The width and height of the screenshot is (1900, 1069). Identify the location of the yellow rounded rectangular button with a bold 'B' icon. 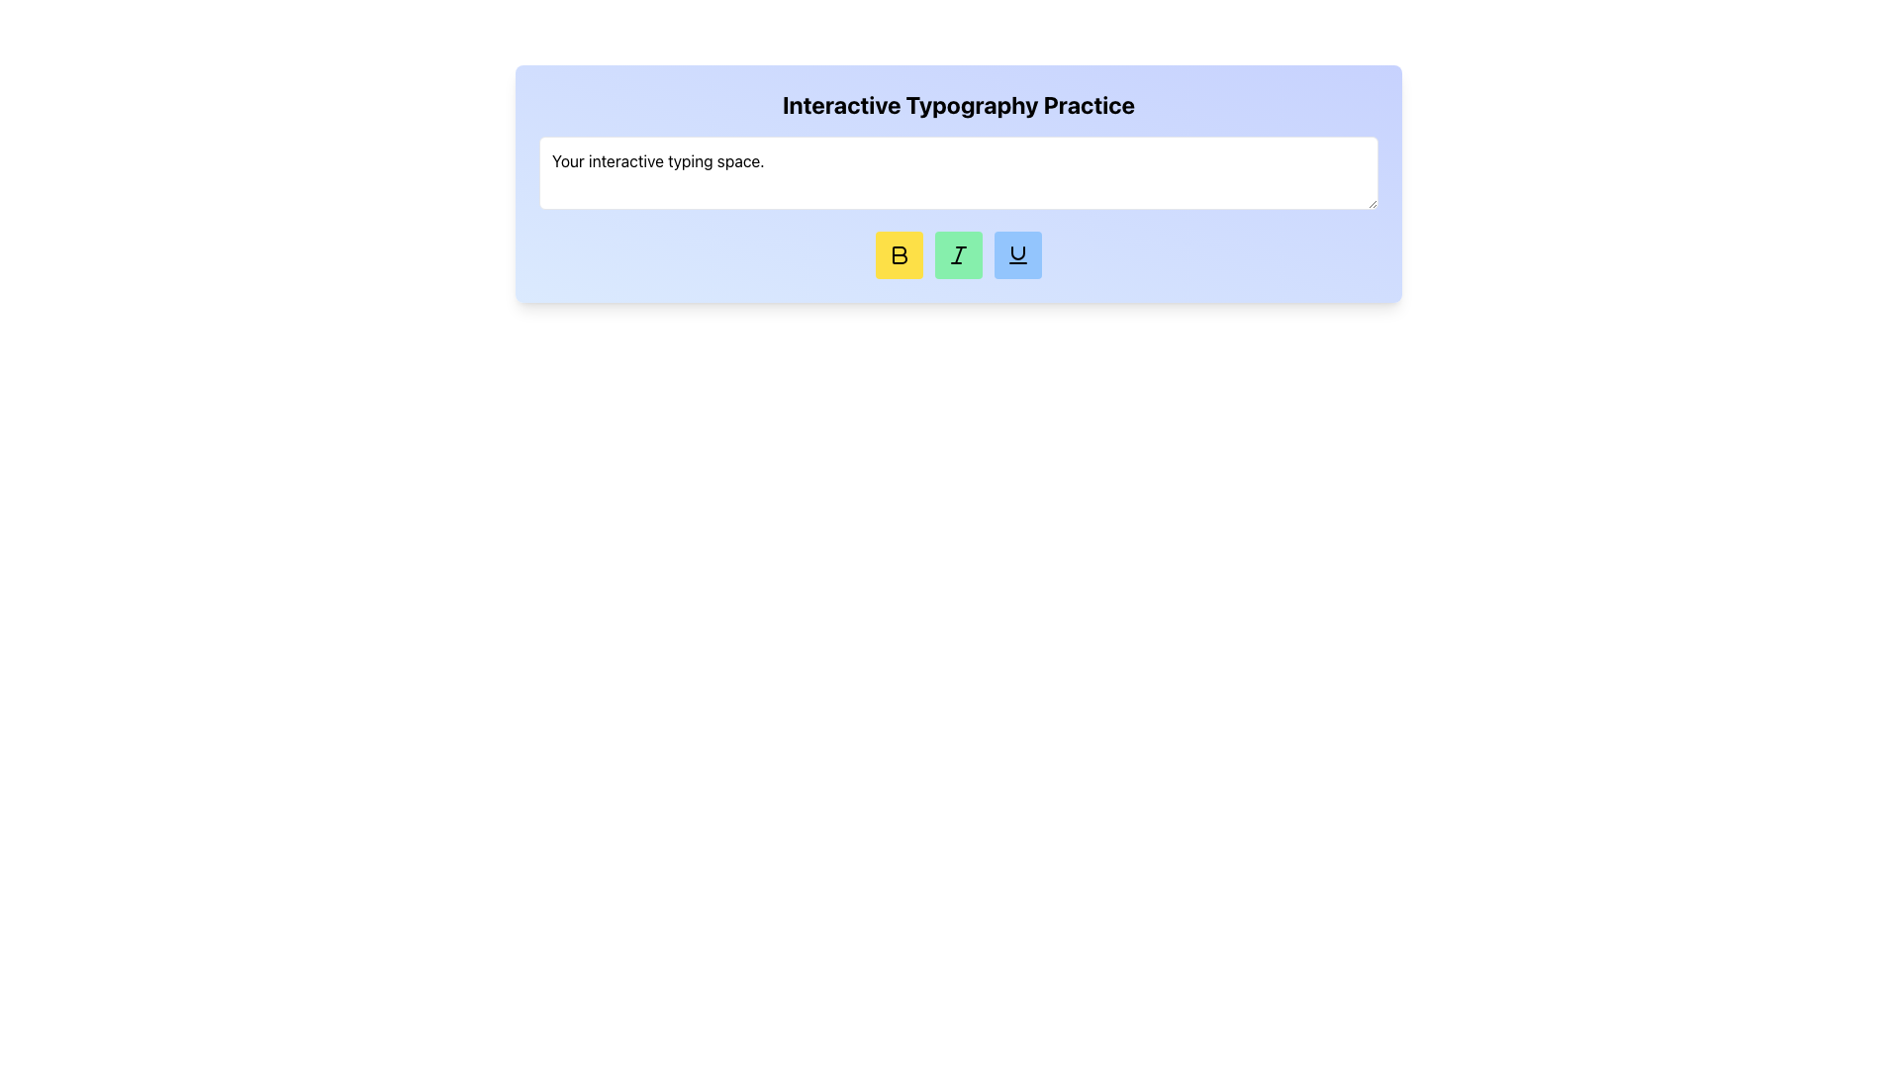
(898, 254).